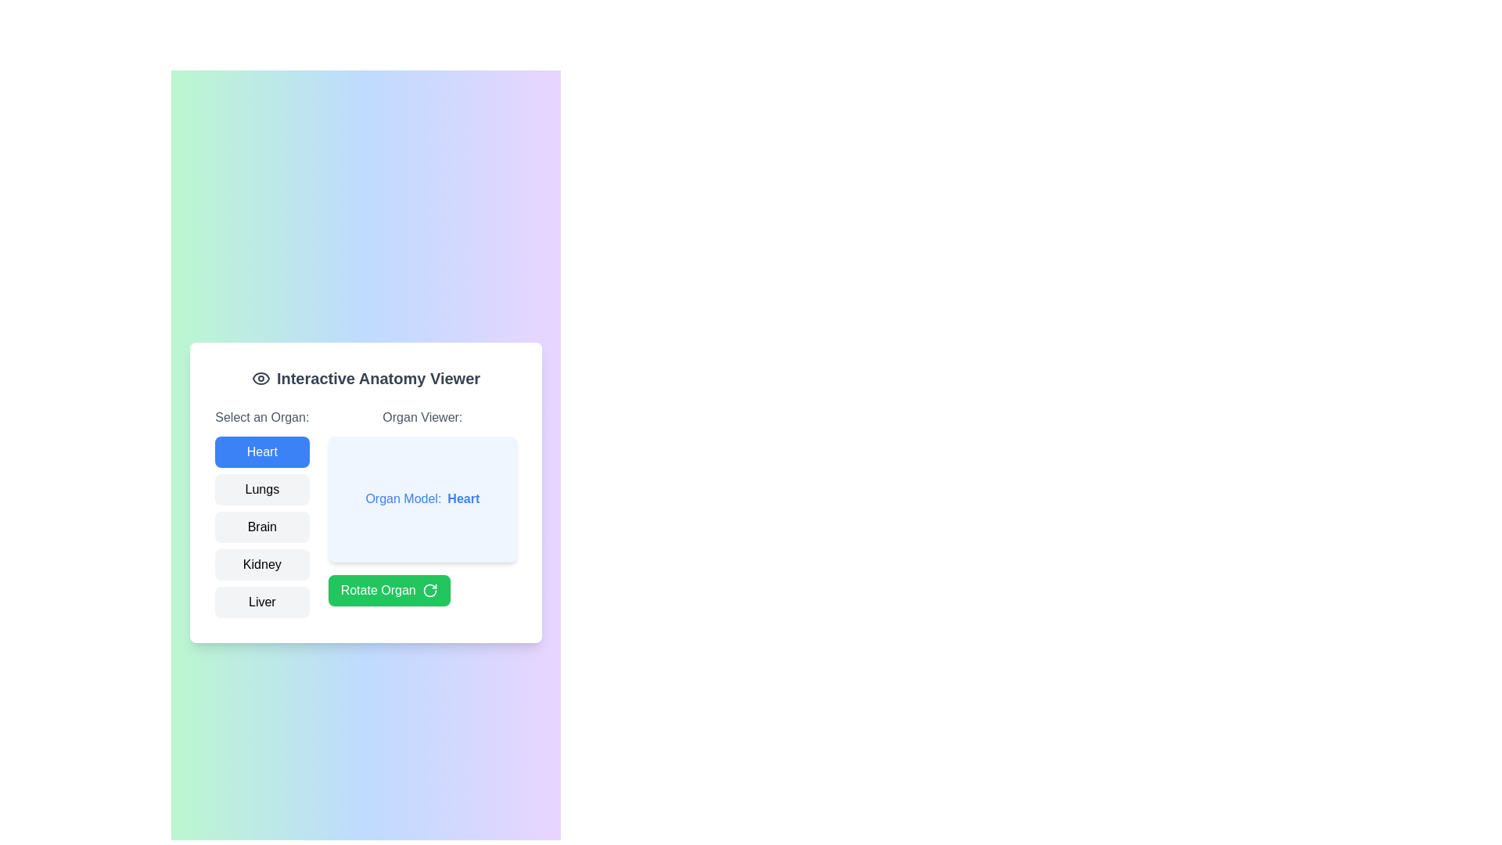 The image size is (1502, 845). What do you see at coordinates (389, 590) in the screenshot?
I see `the green rectangular button labeled 'Rotate Organ' located in the 'Organ Viewer' section to change its background color` at bounding box center [389, 590].